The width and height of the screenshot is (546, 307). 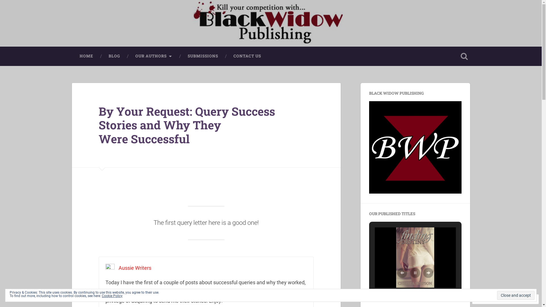 What do you see at coordinates (102, 296) in the screenshot?
I see `'Cookie Policy'` at bounding box center [102, 296].